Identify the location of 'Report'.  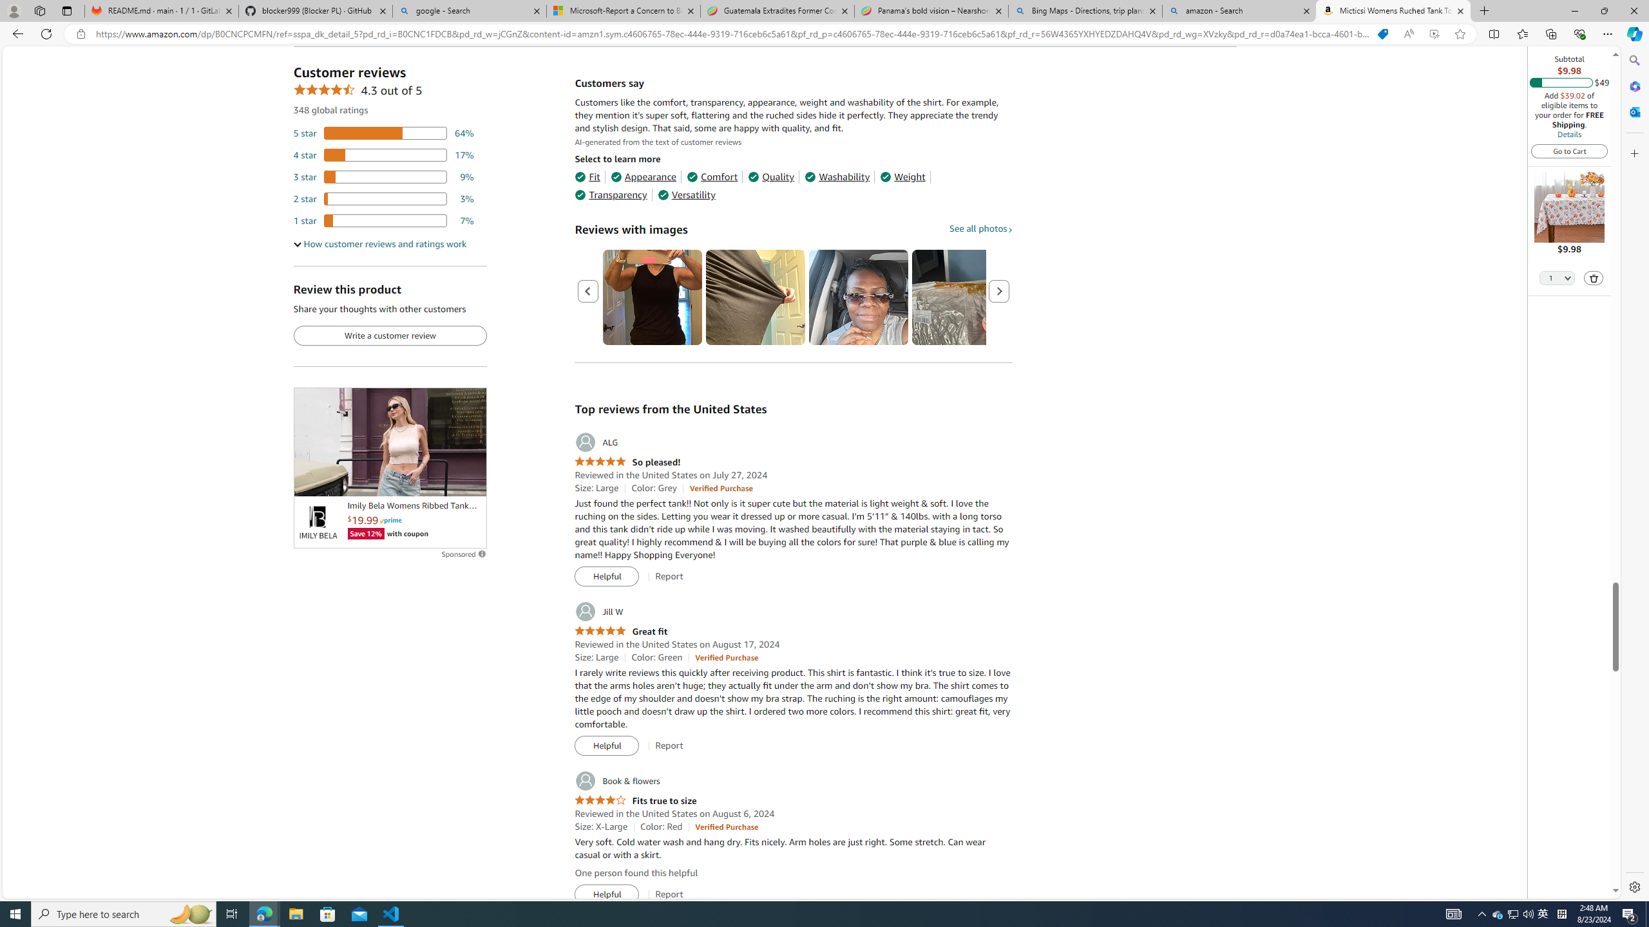
(669, 894).